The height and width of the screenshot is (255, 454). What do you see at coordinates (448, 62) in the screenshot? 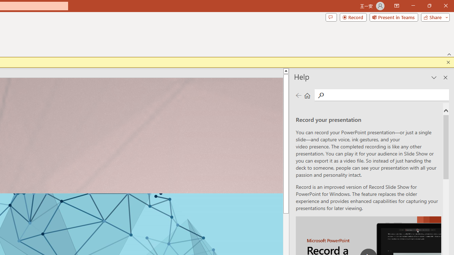
I see `'Close this message'` at bounding box center [448, 62].